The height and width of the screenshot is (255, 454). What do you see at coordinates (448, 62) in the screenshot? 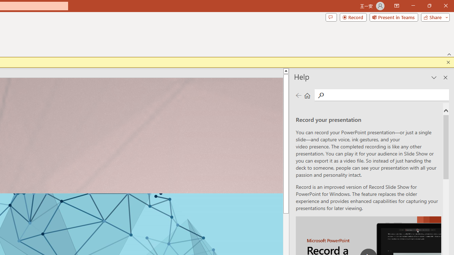
I see `'Close this message'` at bounding box center [448, 62].